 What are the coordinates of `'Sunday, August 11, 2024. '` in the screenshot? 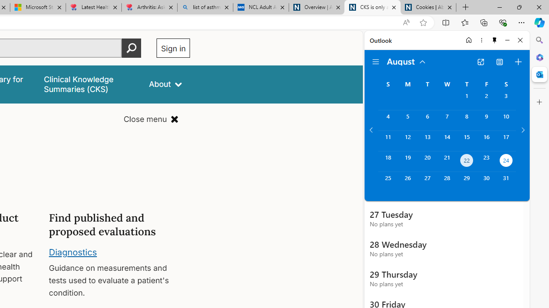 It's located at (387, 140).